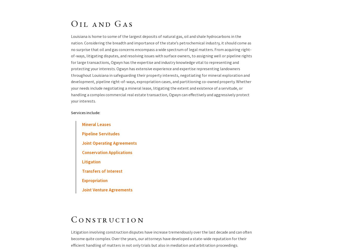  Describe the element at coordinates (91, 162) in the screenshot. I see `'Litigation'` at that location.